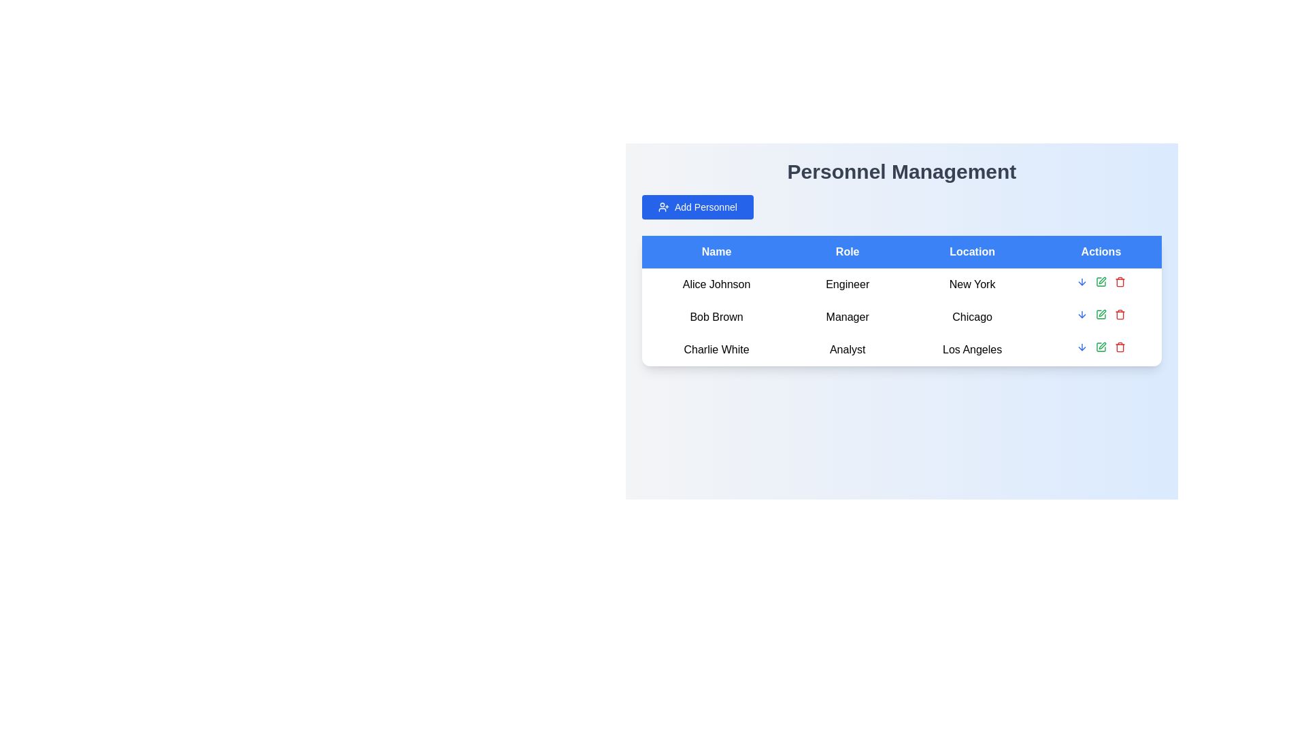 This screenshot has height=734, width=1306. What do you see at coordinates (716, 349) in the screenshot?
I see `the label displaying 'Charlie White' in the 'Name' column of the table within the 'Personnel Management' section` at bounding box center [716, 349].